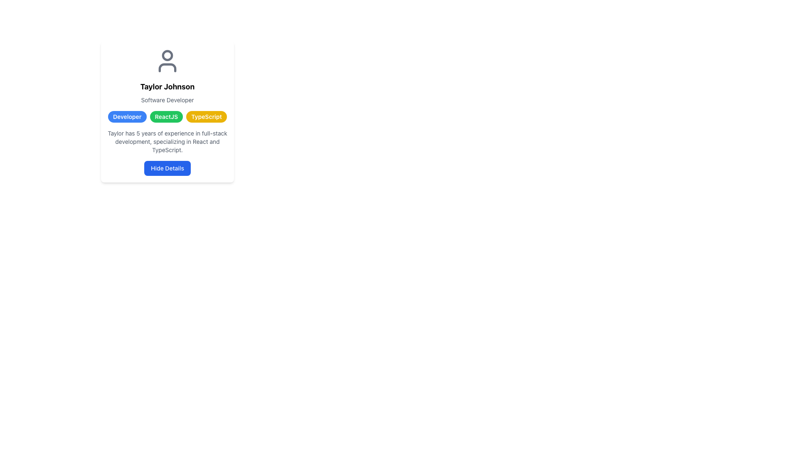 The width and height of the screenshot is (798, 449). I want to click on a tag within the Tag Group located below 'Software Developer', so click(167, 117).